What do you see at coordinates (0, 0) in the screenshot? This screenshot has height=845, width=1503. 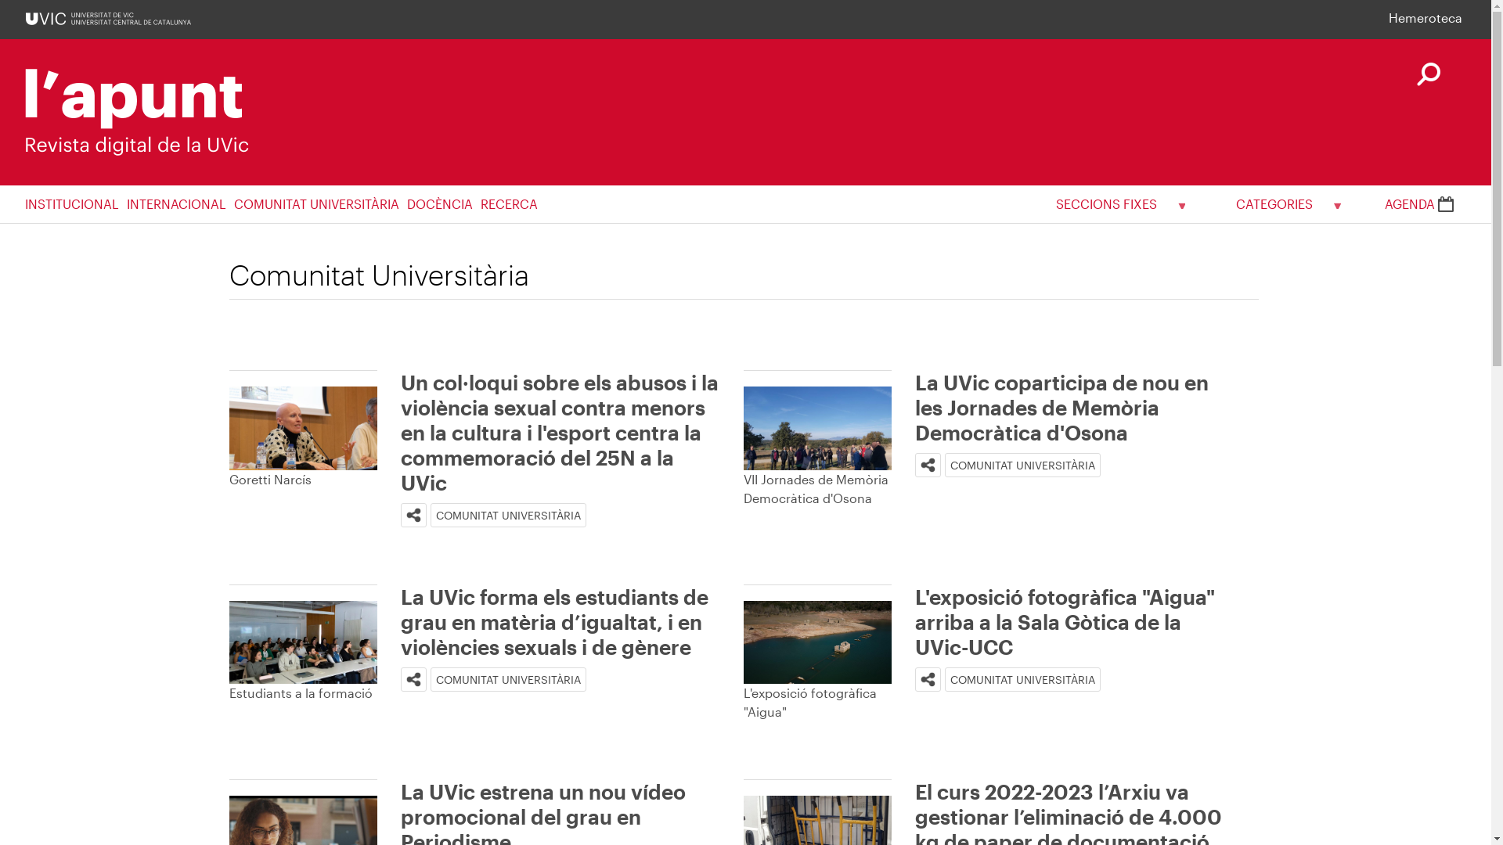 I see `'Skip to main content'` at bounding box center [0, 0].